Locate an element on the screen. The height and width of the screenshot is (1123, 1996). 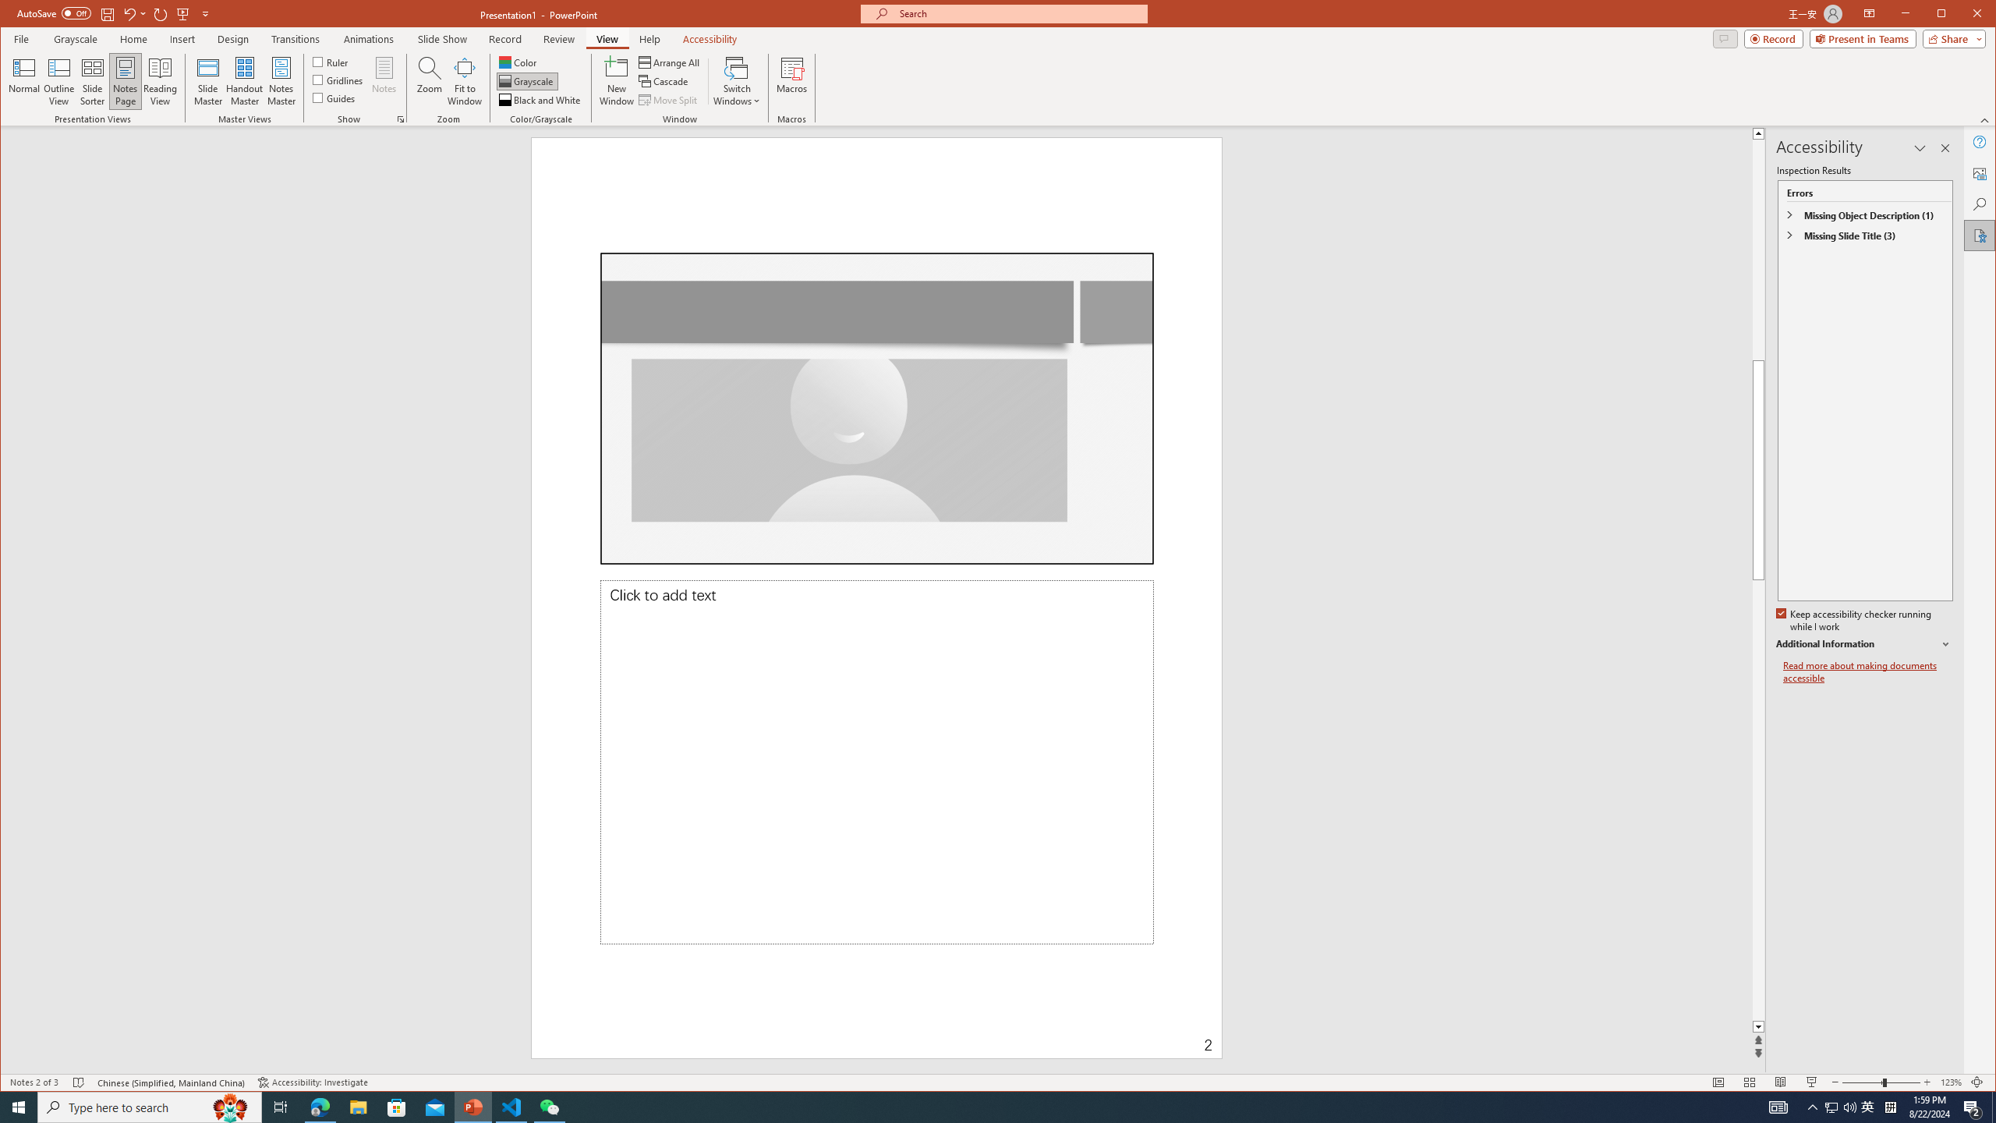
'Alt Text' is located at coordinates (1980, 172).